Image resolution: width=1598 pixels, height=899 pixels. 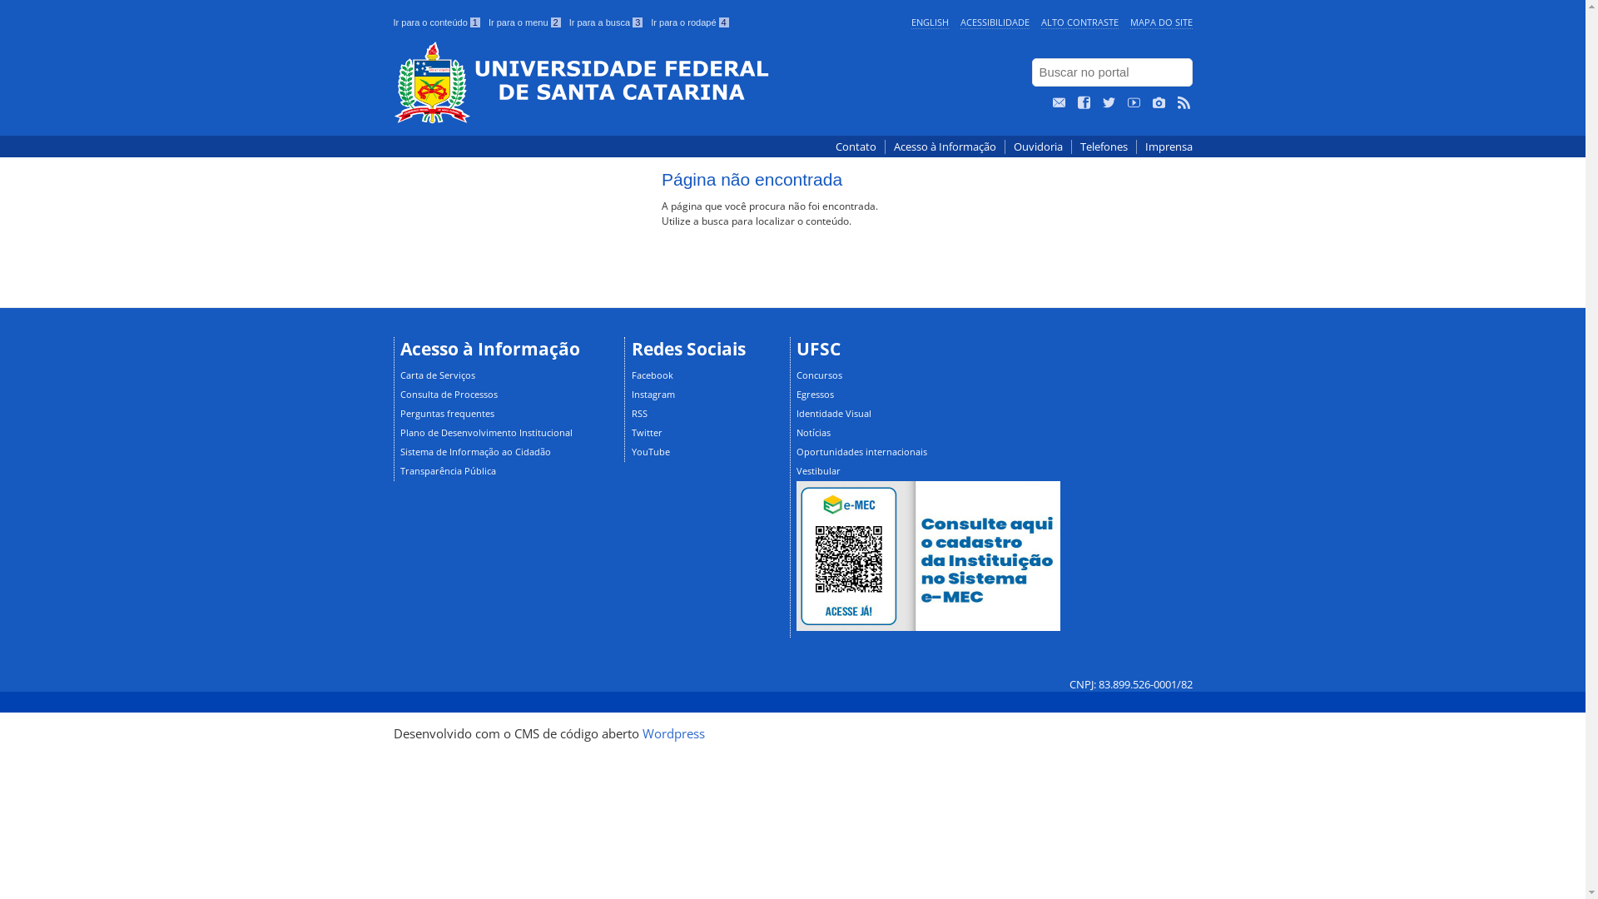 What do you see at coordinates (927, 555) in the screenshot?
I see `'UFSC no e-MEC'` at bounding box center [927, 555].